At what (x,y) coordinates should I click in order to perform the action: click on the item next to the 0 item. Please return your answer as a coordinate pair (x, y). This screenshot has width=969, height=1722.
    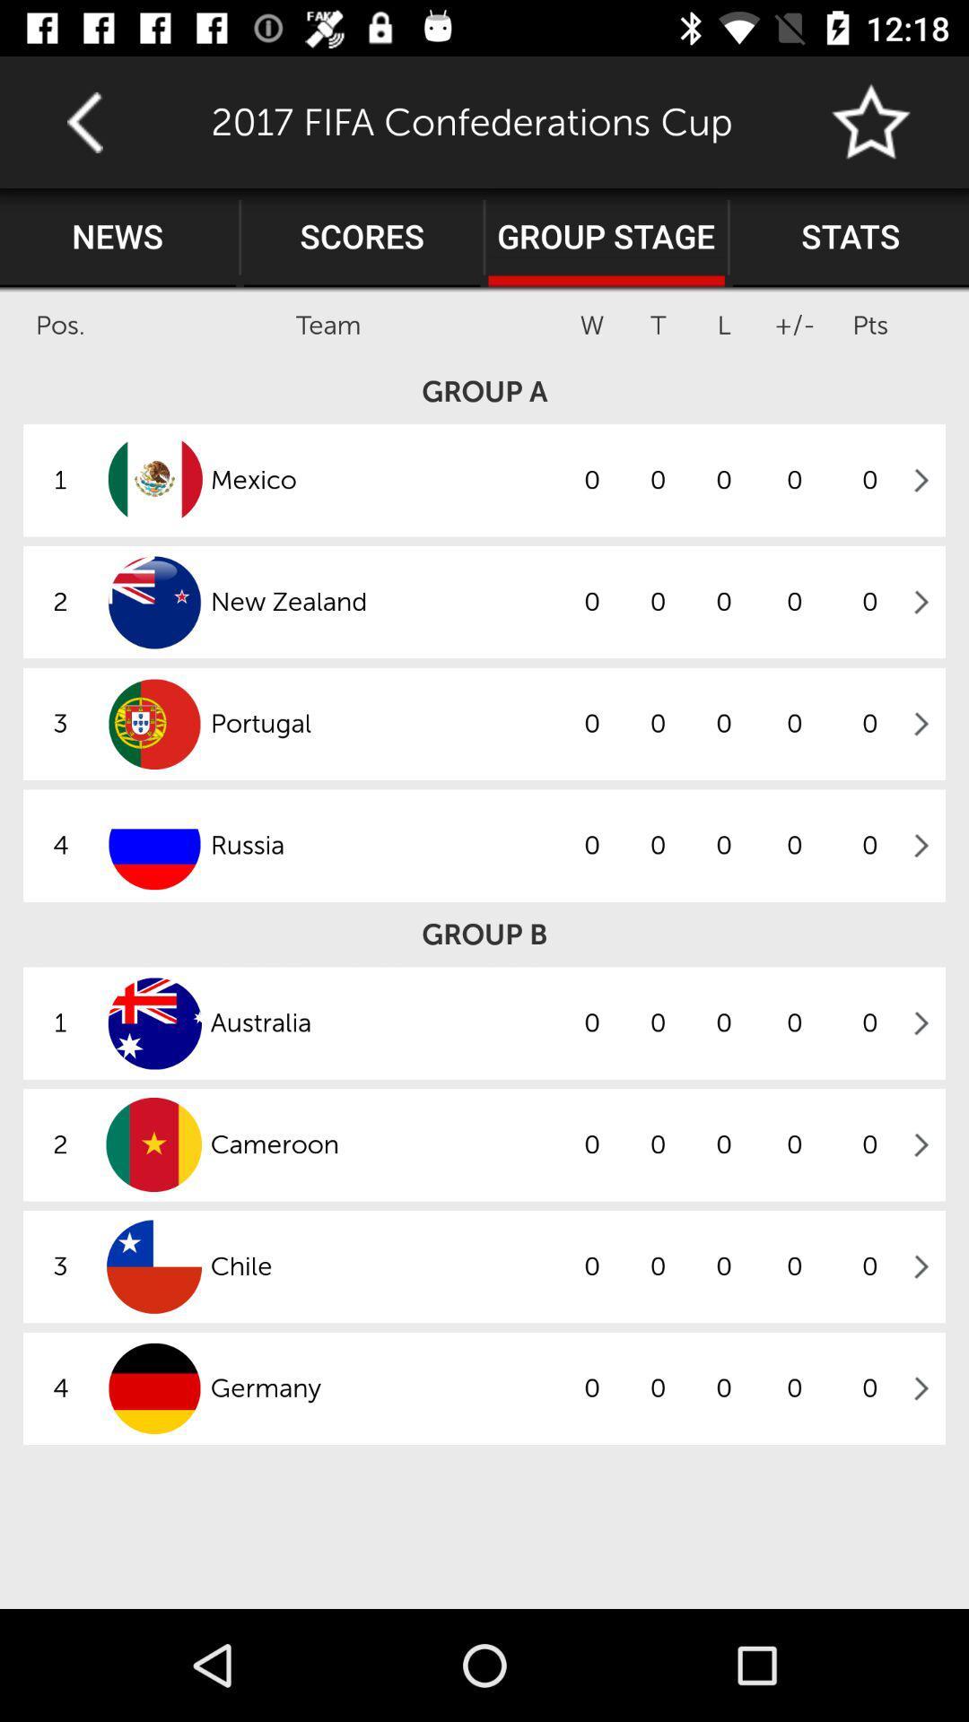
    Looking at the image, I should click on (383, 1023).